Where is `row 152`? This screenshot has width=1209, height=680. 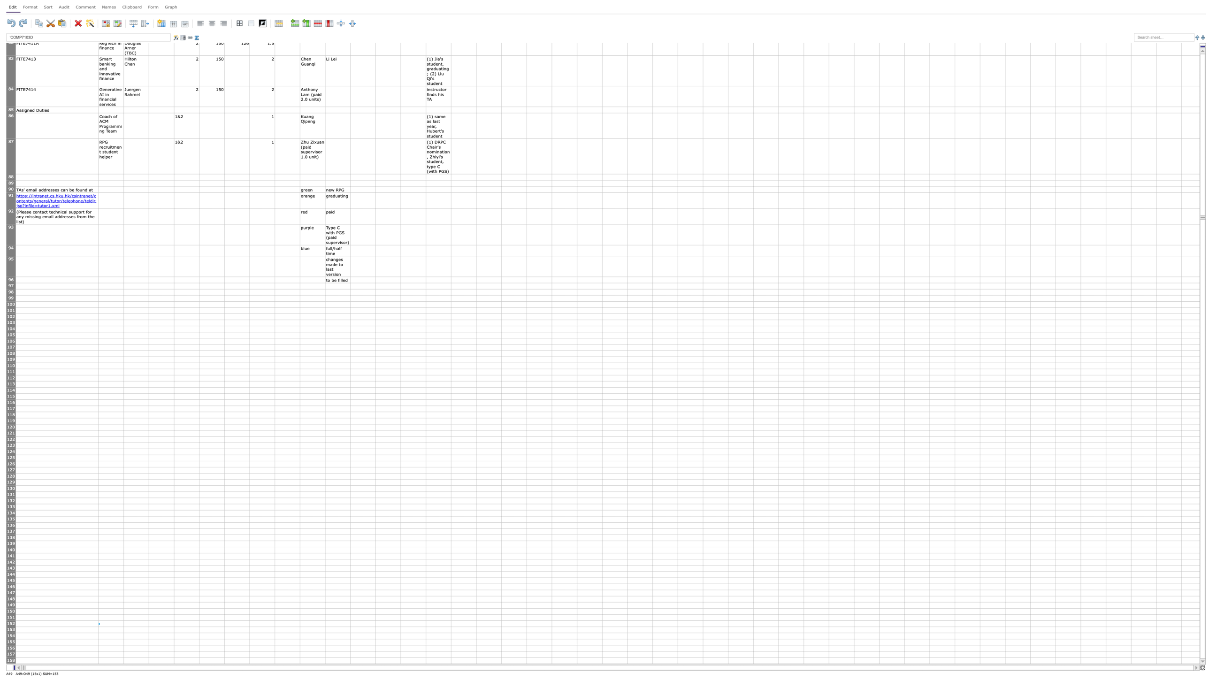 row 152 is located at coordinates (11, 623).